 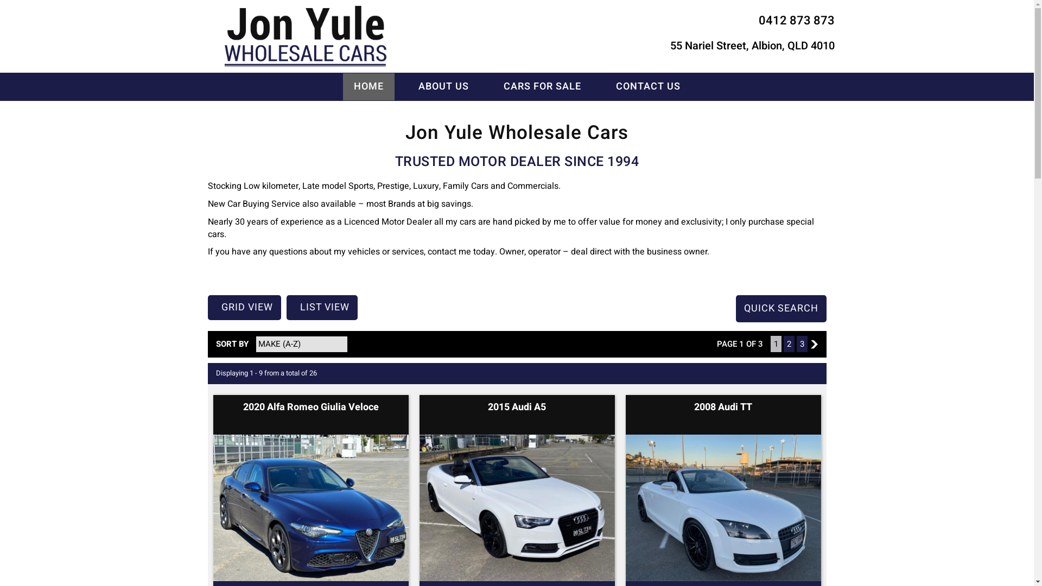 What do you see at coordinates (321, 308) in the screenshot?
I see `'LIST VIEW'` at bounding box center [321, 308].